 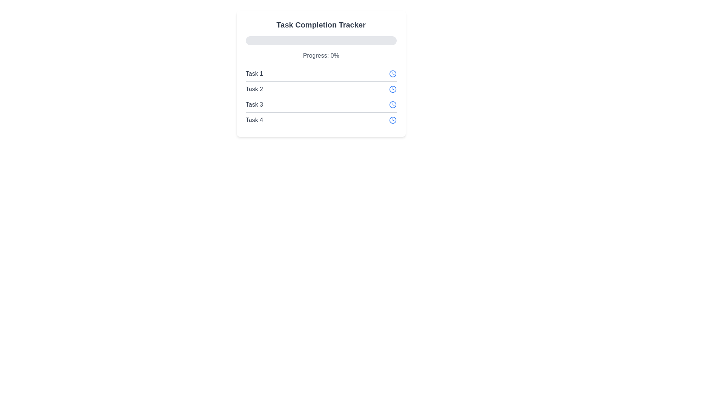 I want to click on the text label that indicates the name or description of a task in the task list, positioned just below 'Task 1' and above 'Task 3', so click(x=254, y=89).